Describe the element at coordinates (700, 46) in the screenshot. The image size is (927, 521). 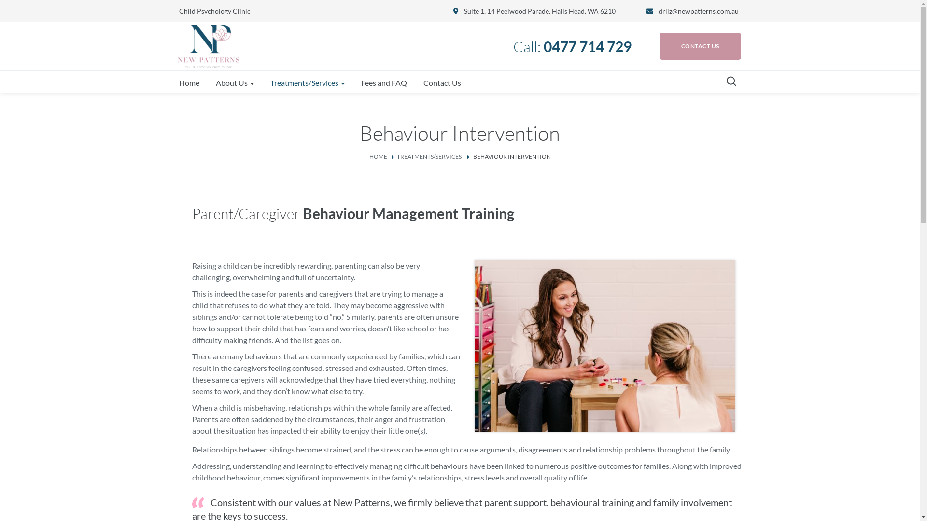
I see `'CONTACT US'` at that location.